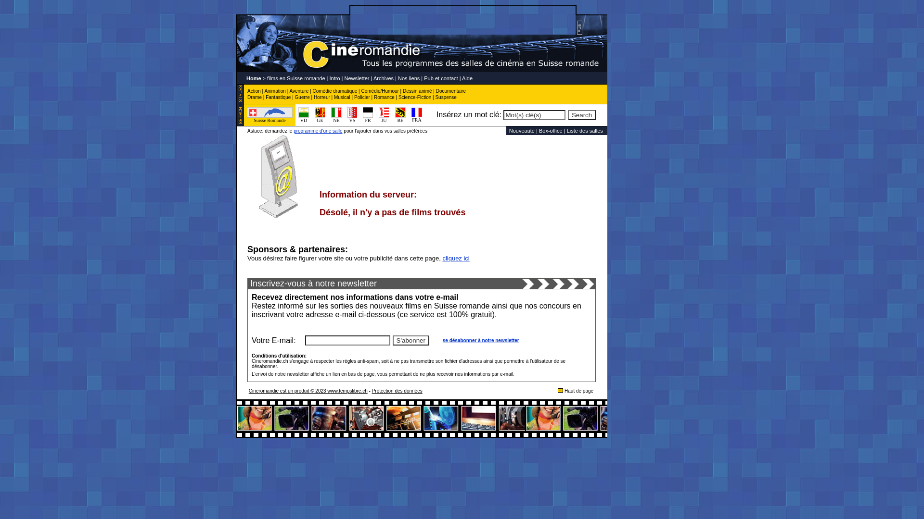  I want to click on 'Fantastique', so click(277, 97).